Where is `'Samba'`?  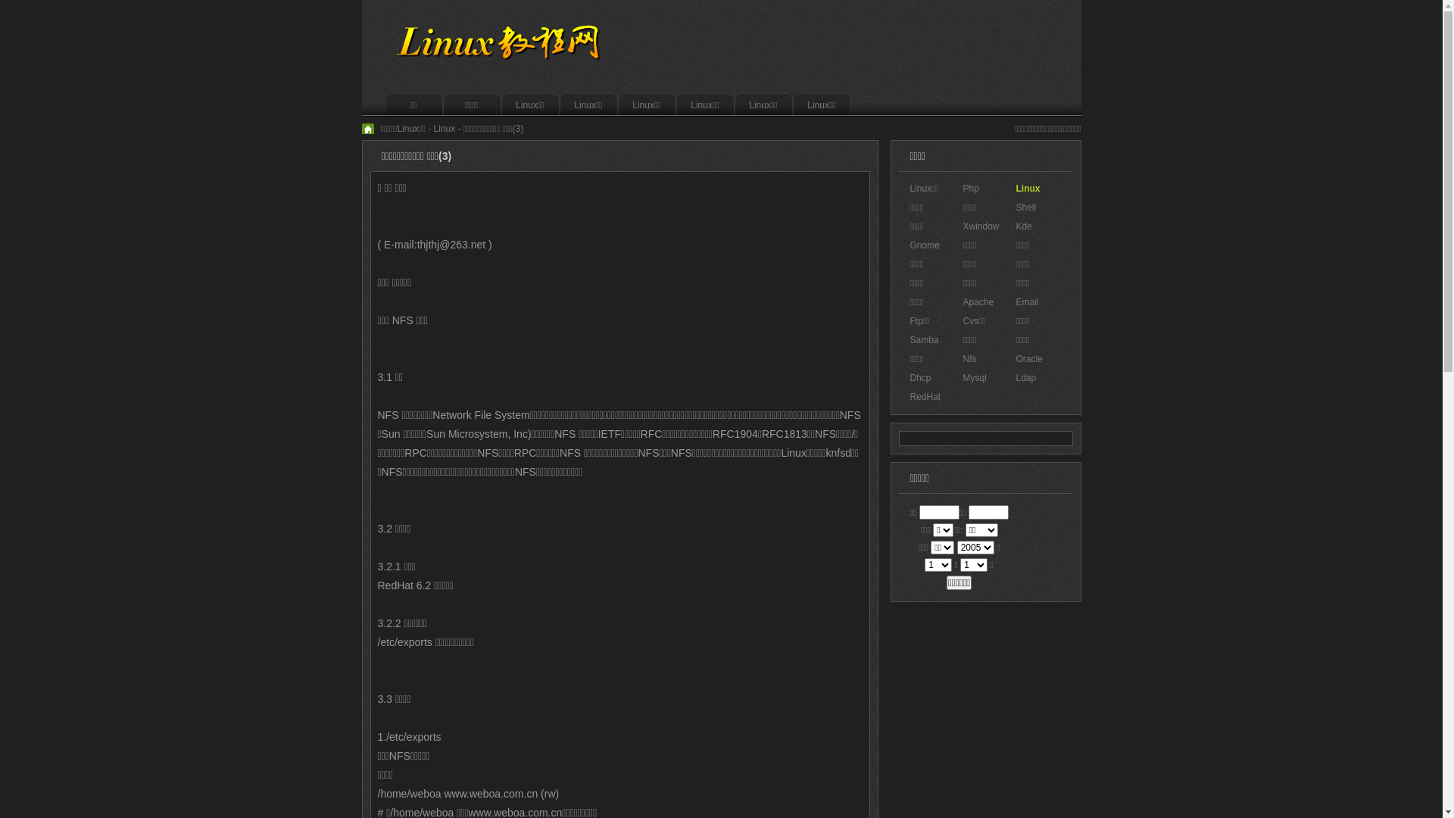 'Samba' is located at coordinates (923, 339).